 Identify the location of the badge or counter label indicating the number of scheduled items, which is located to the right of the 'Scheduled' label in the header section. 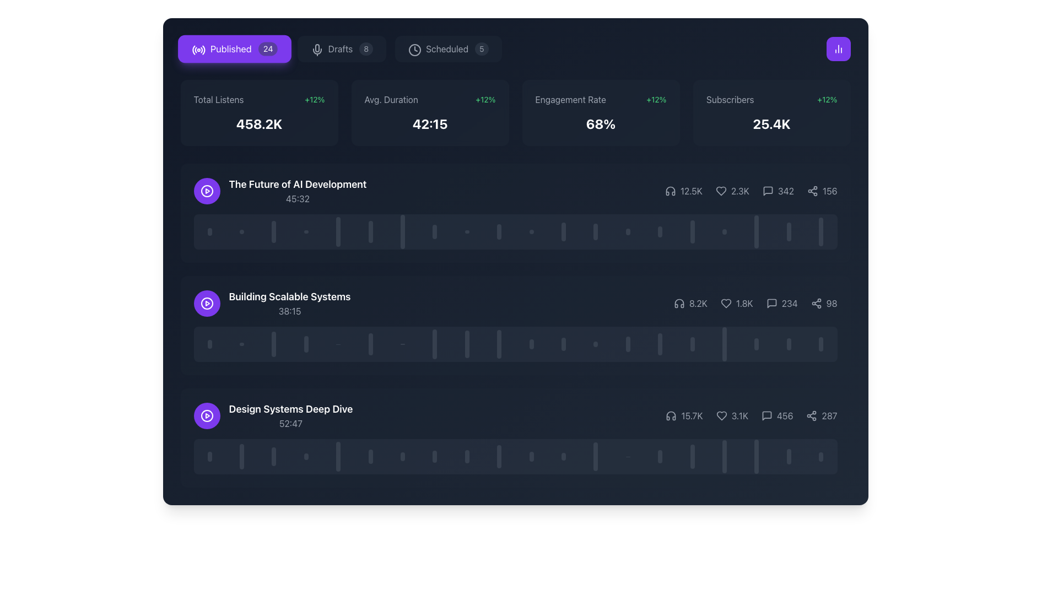
(482, 48).